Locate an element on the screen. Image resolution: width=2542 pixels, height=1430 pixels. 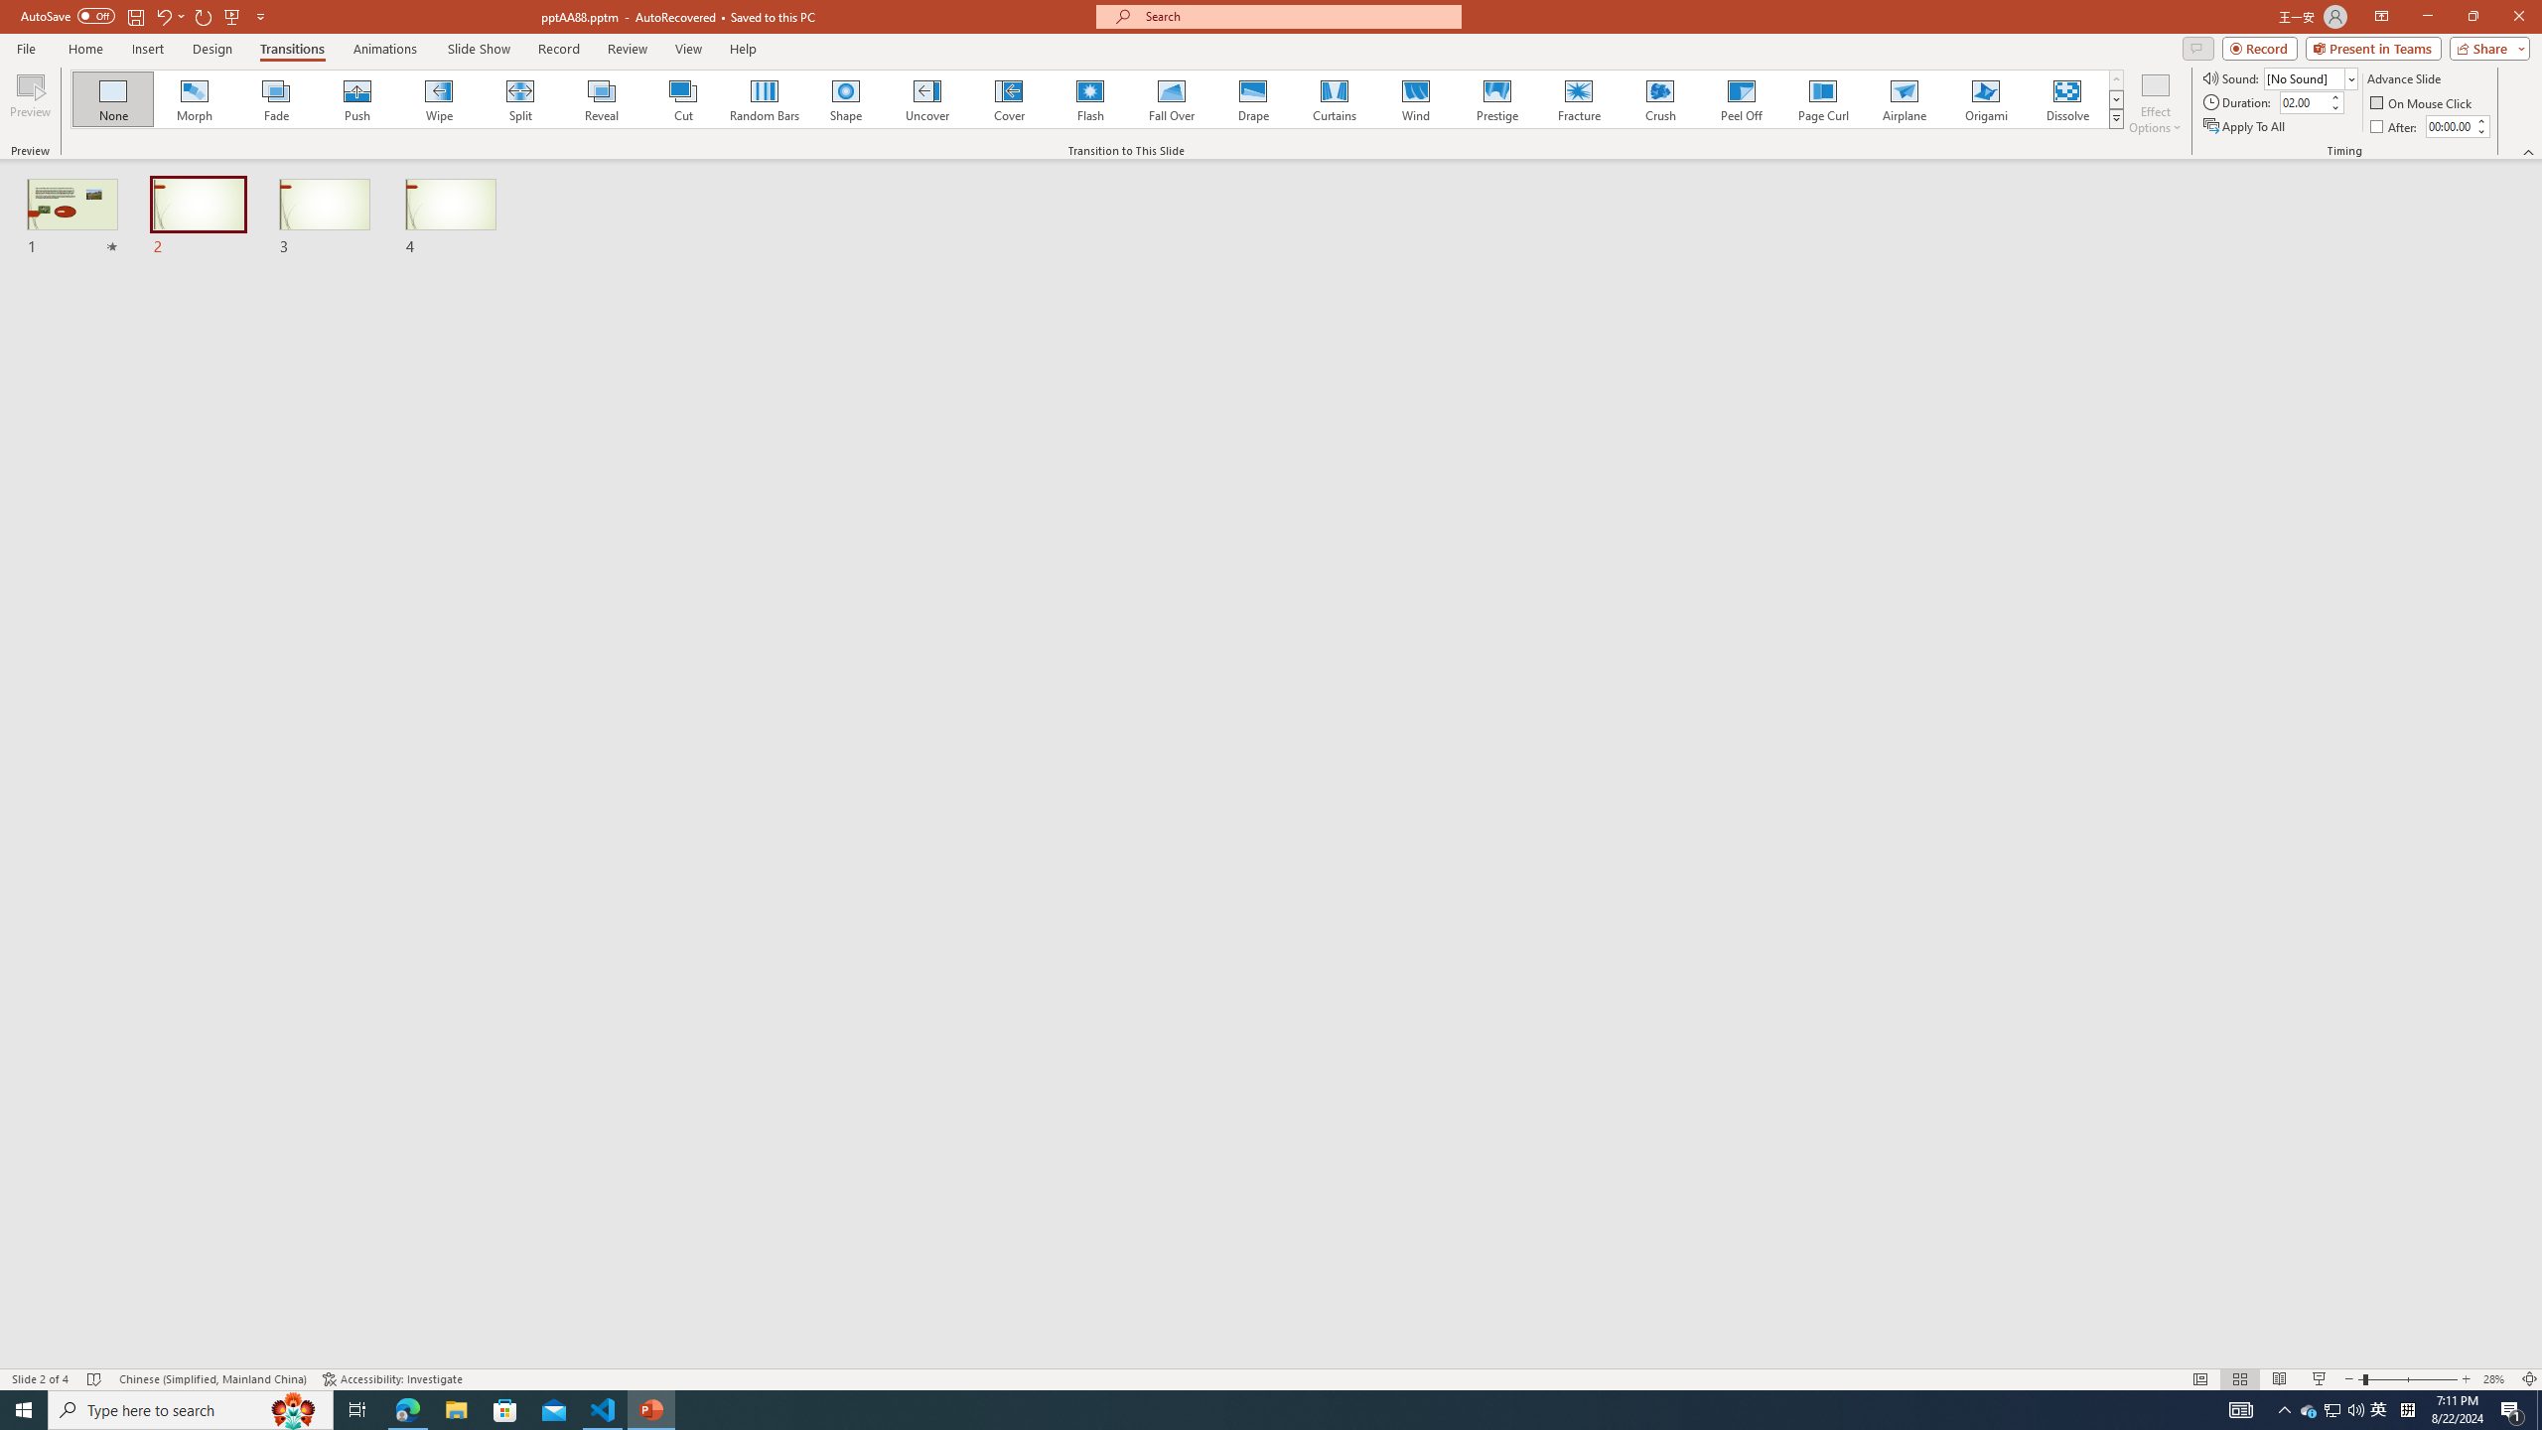
'On Mouse Click' is located at coordinates (2421, 102).